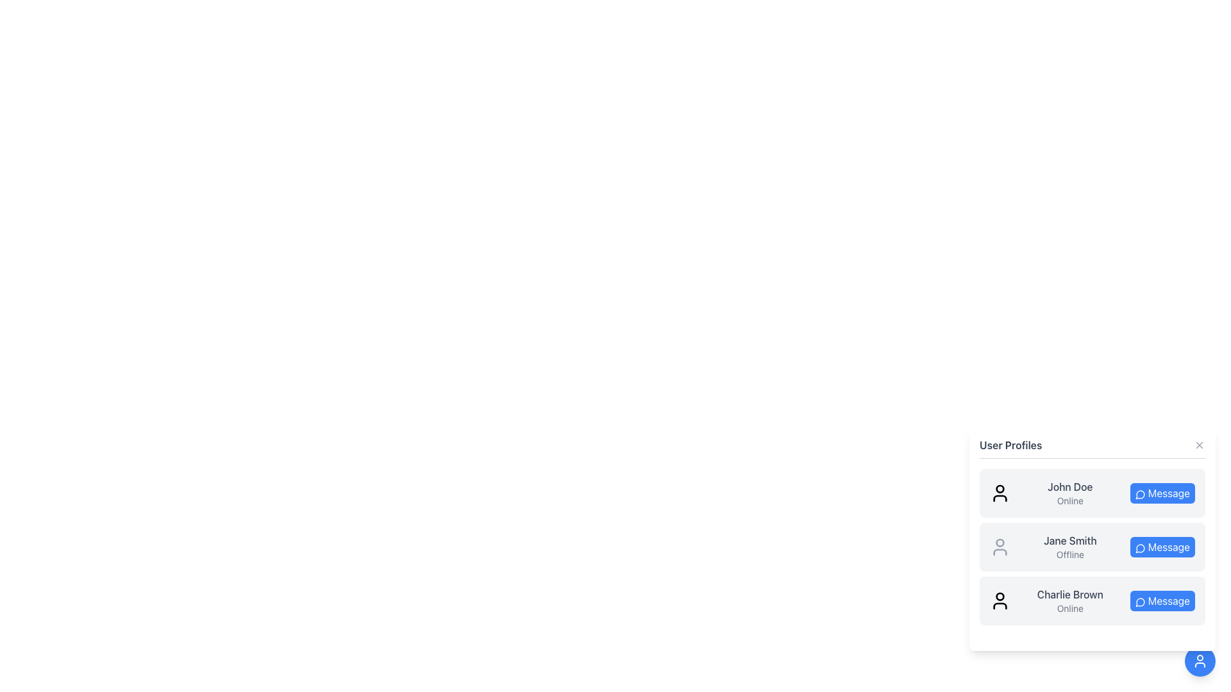 This screenshot has width=1231, height=692. What do you see at coordinates (1140, 494) in the screenshot?
I see `the 'Message' button icon with a chat symbol located in the user profiles section, which is part of the first user's card at the specified coordinates` at bounding box center [1140, 494].